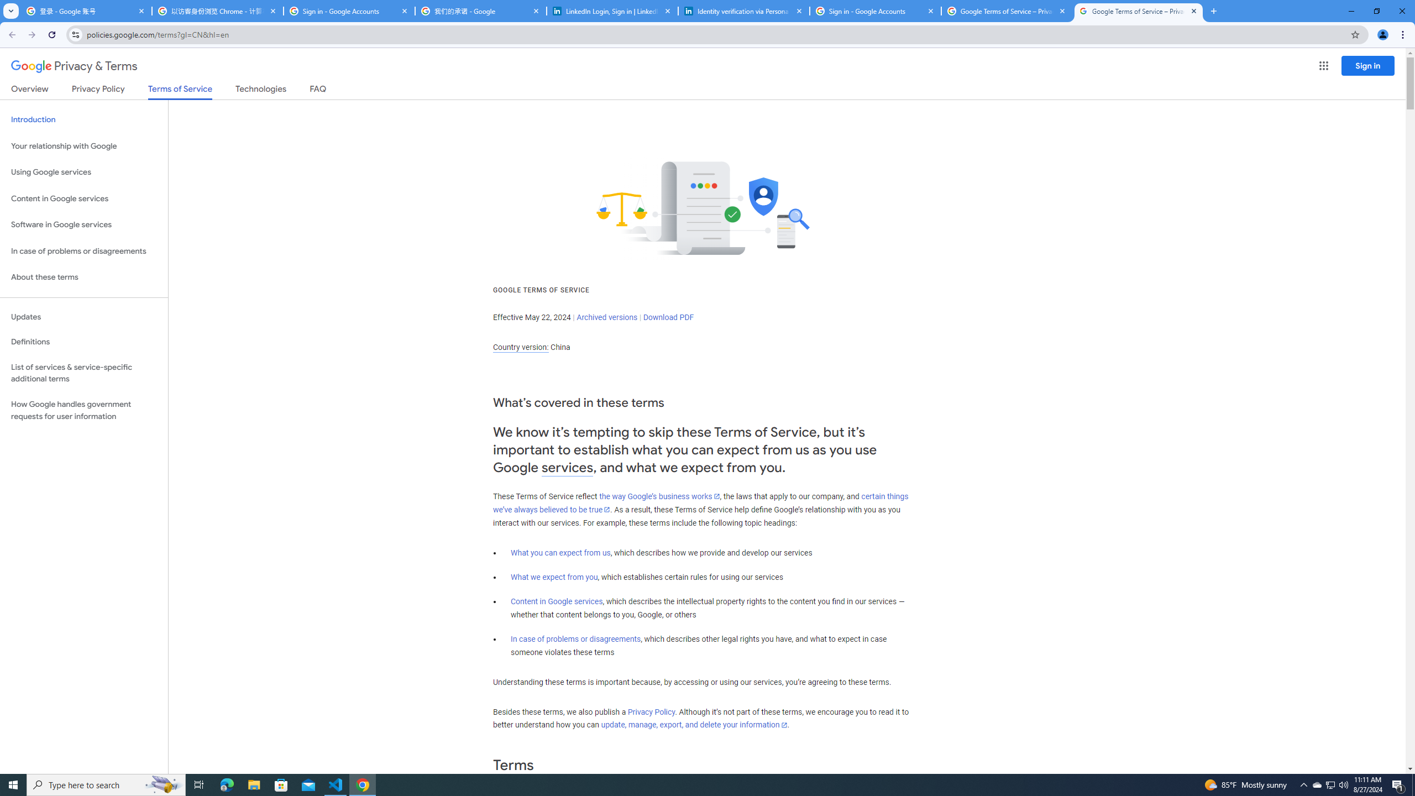  I want to click on 'In case of problems or disagreements', so click(575, 639).